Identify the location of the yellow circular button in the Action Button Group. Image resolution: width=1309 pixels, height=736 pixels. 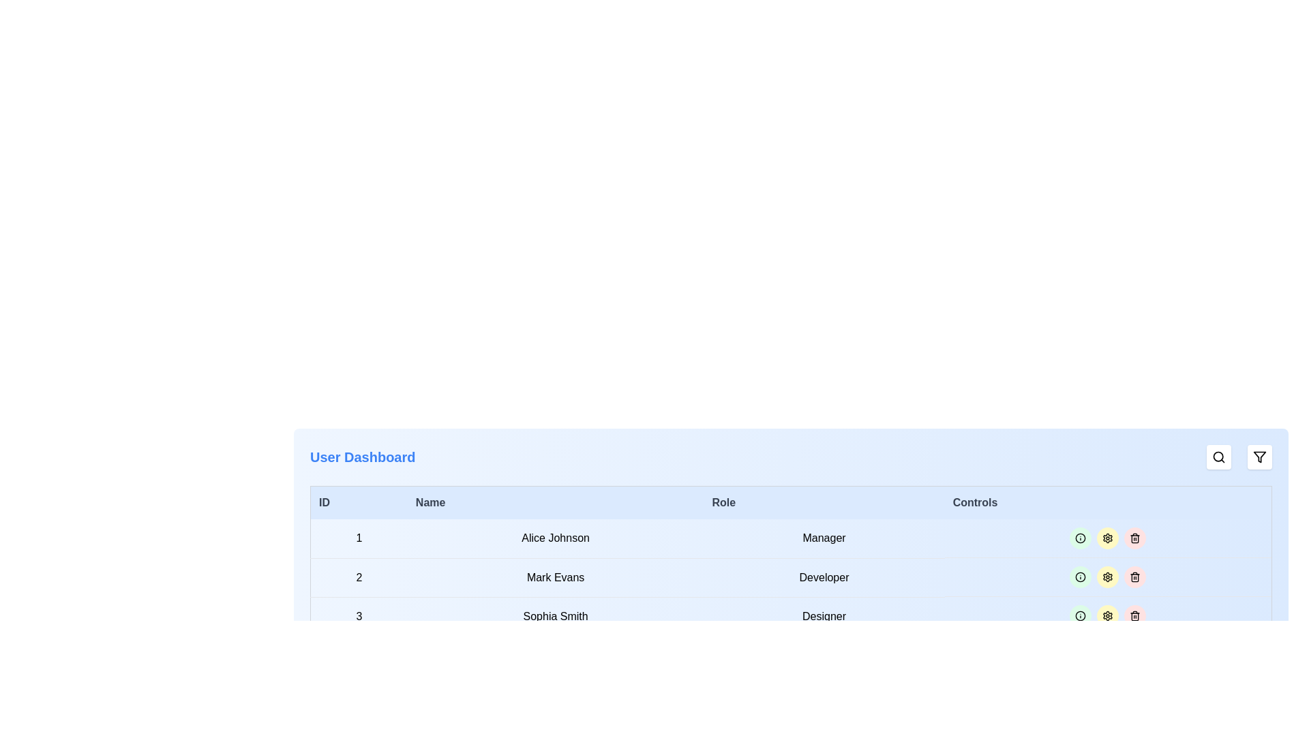
(1108, 538).